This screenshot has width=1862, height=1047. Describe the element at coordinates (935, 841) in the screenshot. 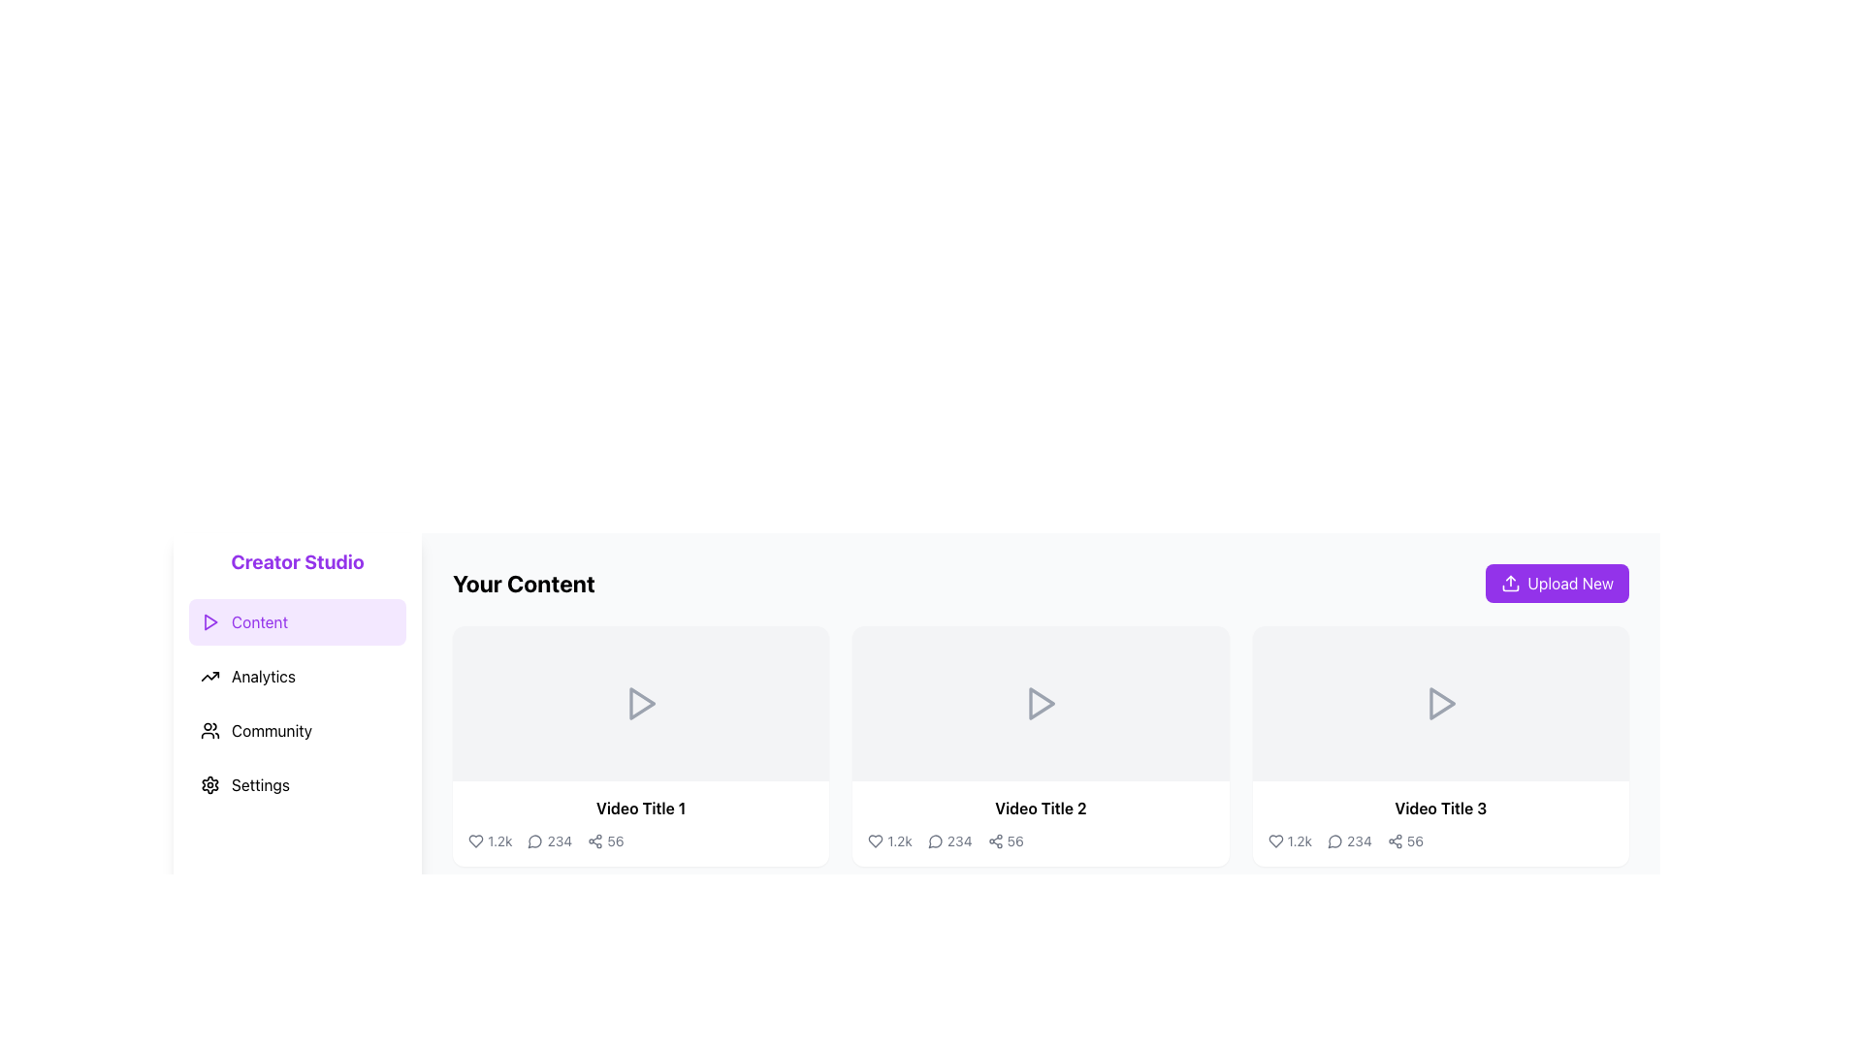

I see `the comment button located underneath the 'Video Title 2' section, between the heart and share icons` at that location.